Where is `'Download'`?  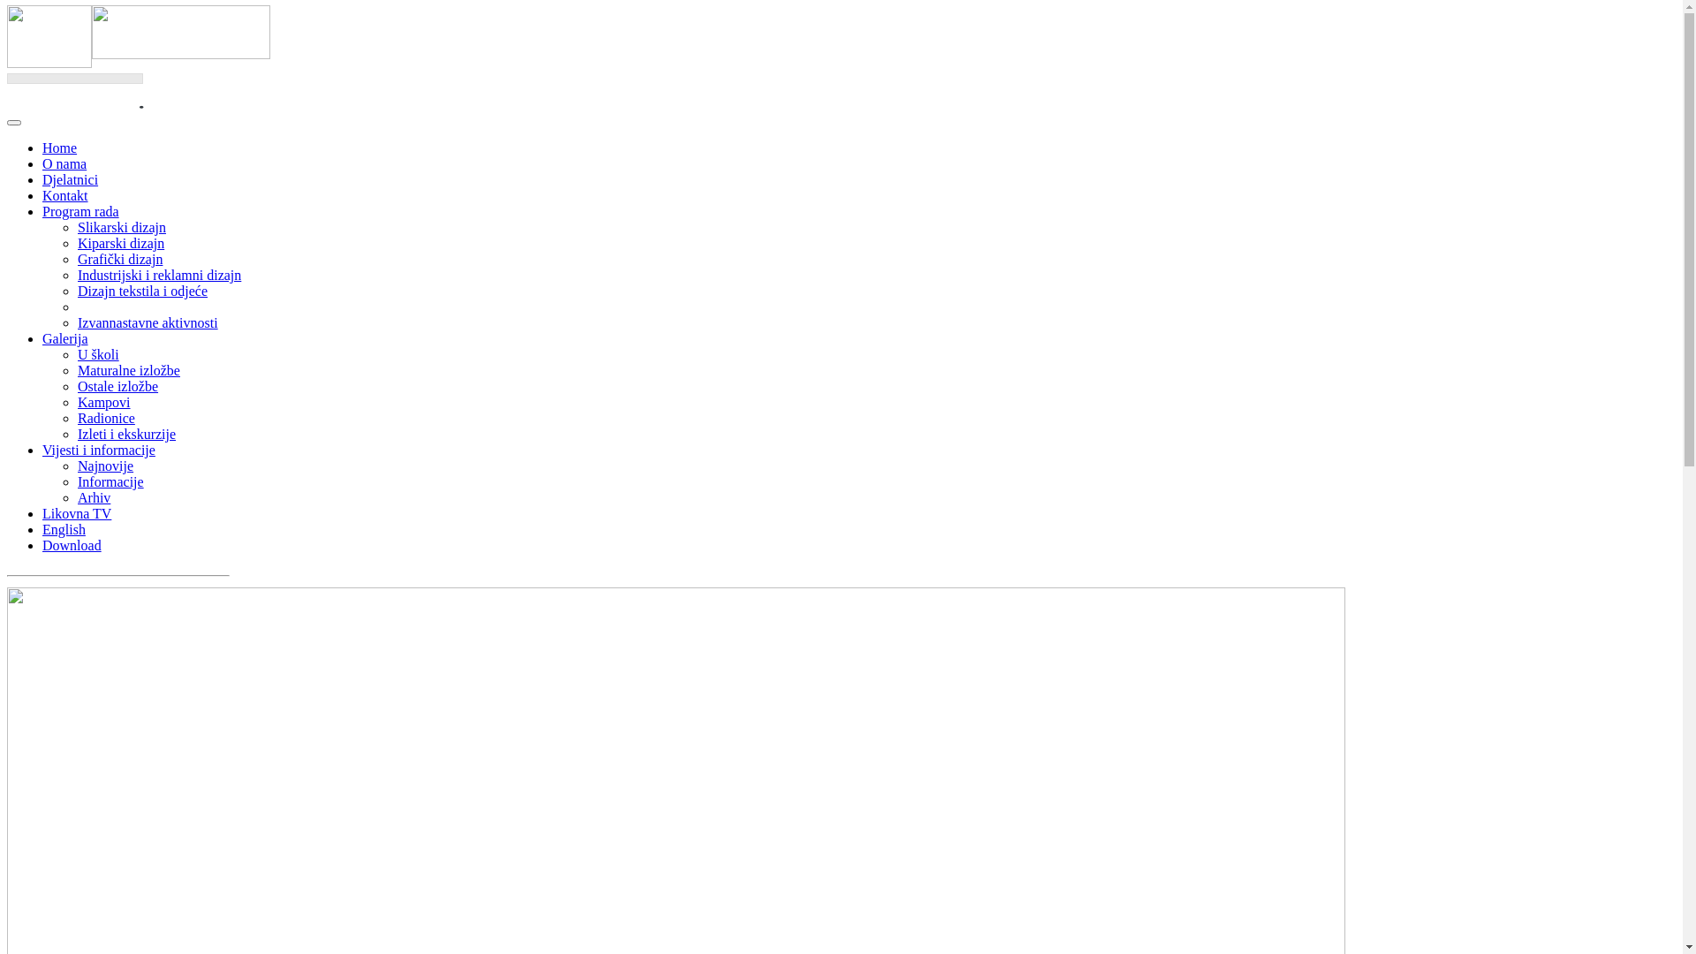
'Download' is located at coordinates (71, 544).